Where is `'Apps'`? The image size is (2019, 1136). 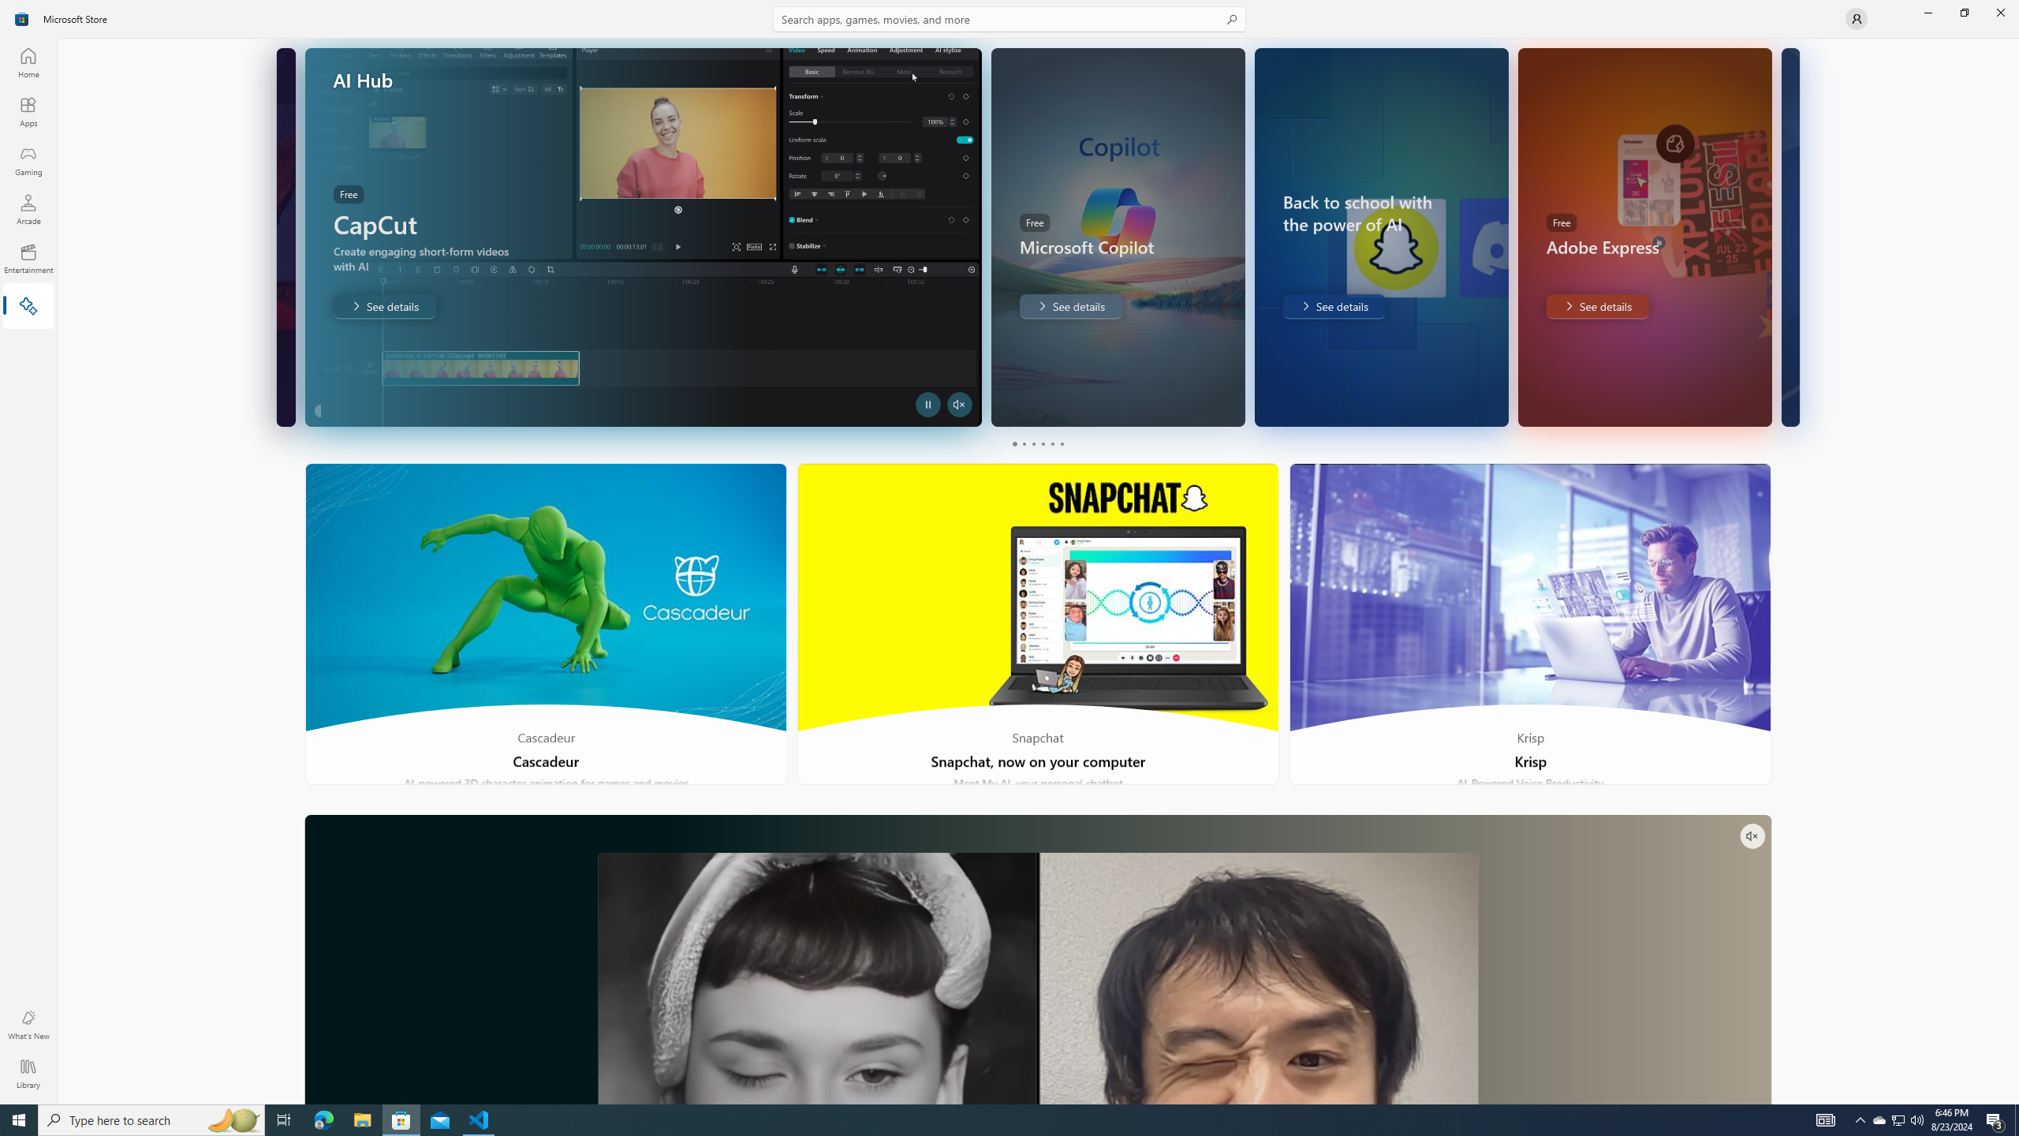 'Apps' is located at coordinates (27, 111).